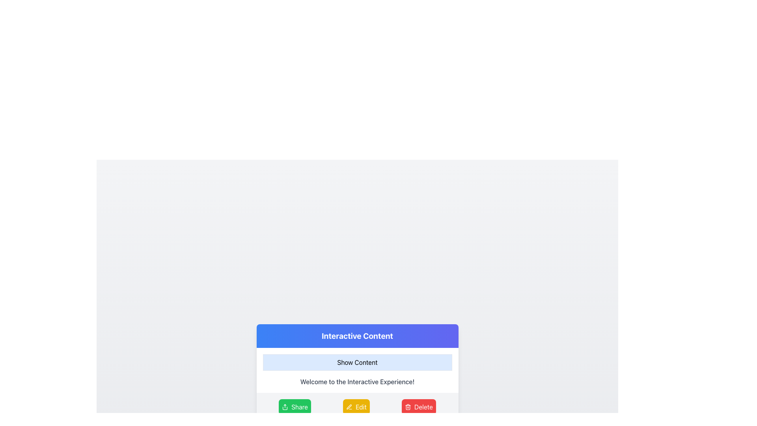 This screenshot has width=757, height=426. I want to click on the trash can-shaped icon located to the left of the 'Delete' button at the bottom-right of the interface, so click(408, 407).